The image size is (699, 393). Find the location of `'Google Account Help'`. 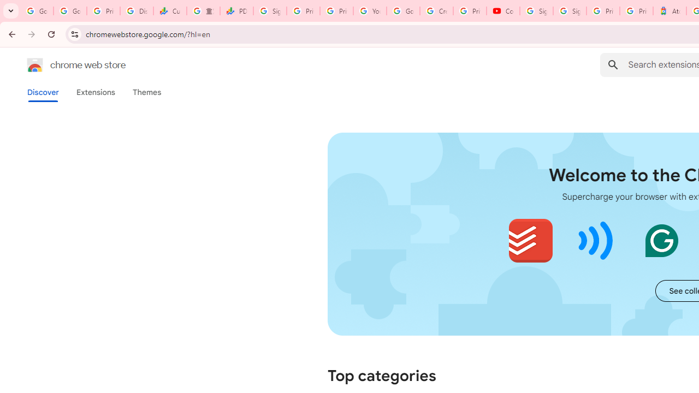

'Google Account Help' is located at coordinates (402, 11).